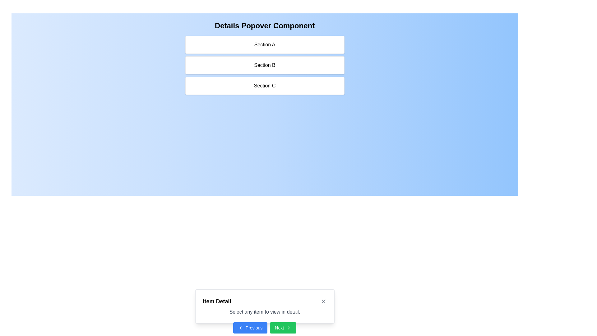  Describe the element at coordinates (283, 327) in the screenshot. I see `the 'Next' button with a green background and white text, located at the bottom right of the modal dialogue box` at that location.